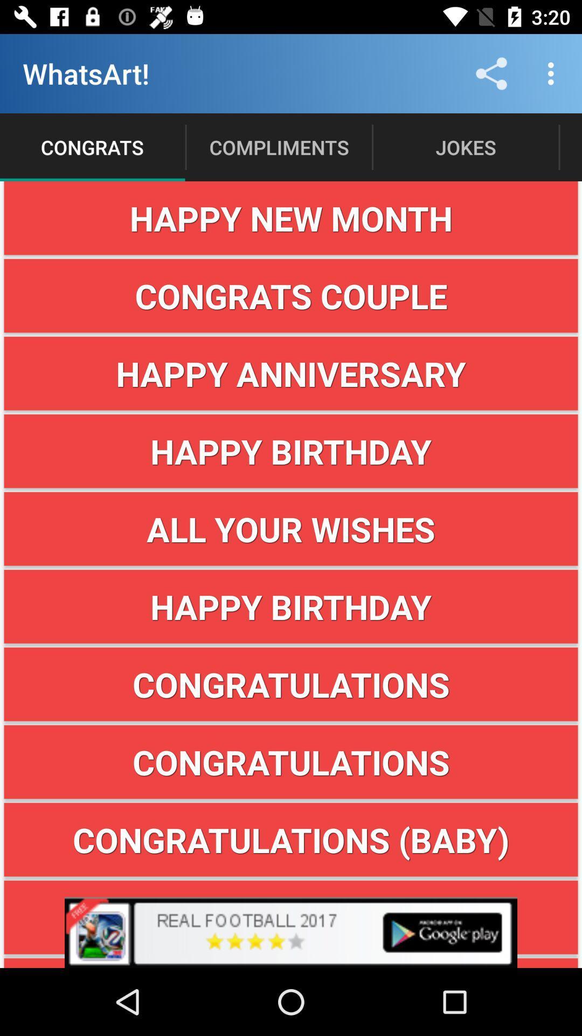 The image size is (582, 1036). What do you see at coordinates (291, 917) in the screenshot?
I see `the icon above good for you! icon` at bounding box center [291, 917].